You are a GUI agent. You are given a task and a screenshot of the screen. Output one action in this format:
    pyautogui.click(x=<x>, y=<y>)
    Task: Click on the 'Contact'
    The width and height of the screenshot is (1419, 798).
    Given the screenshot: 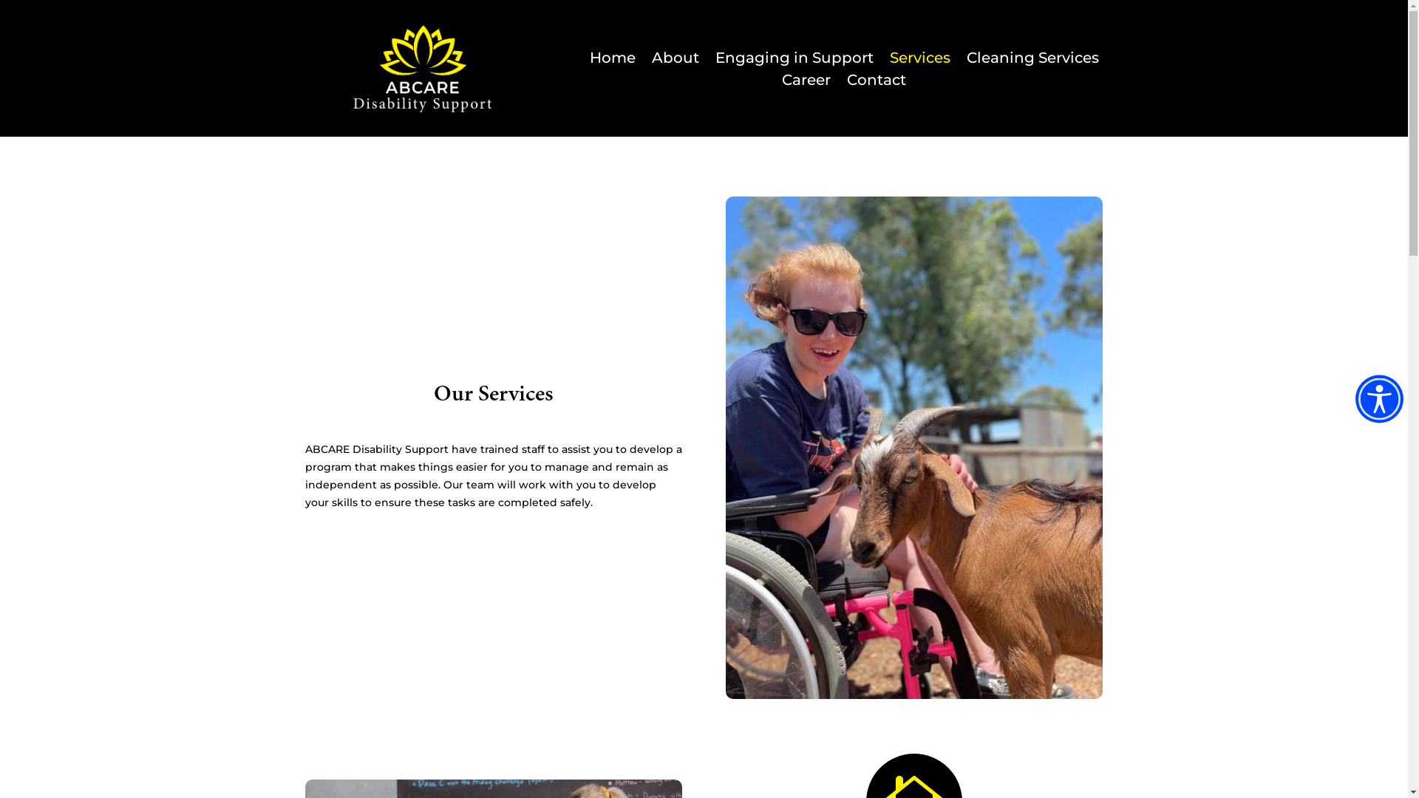 What is the action you would take?
    pyautogui.click(x=876, y=82)
    